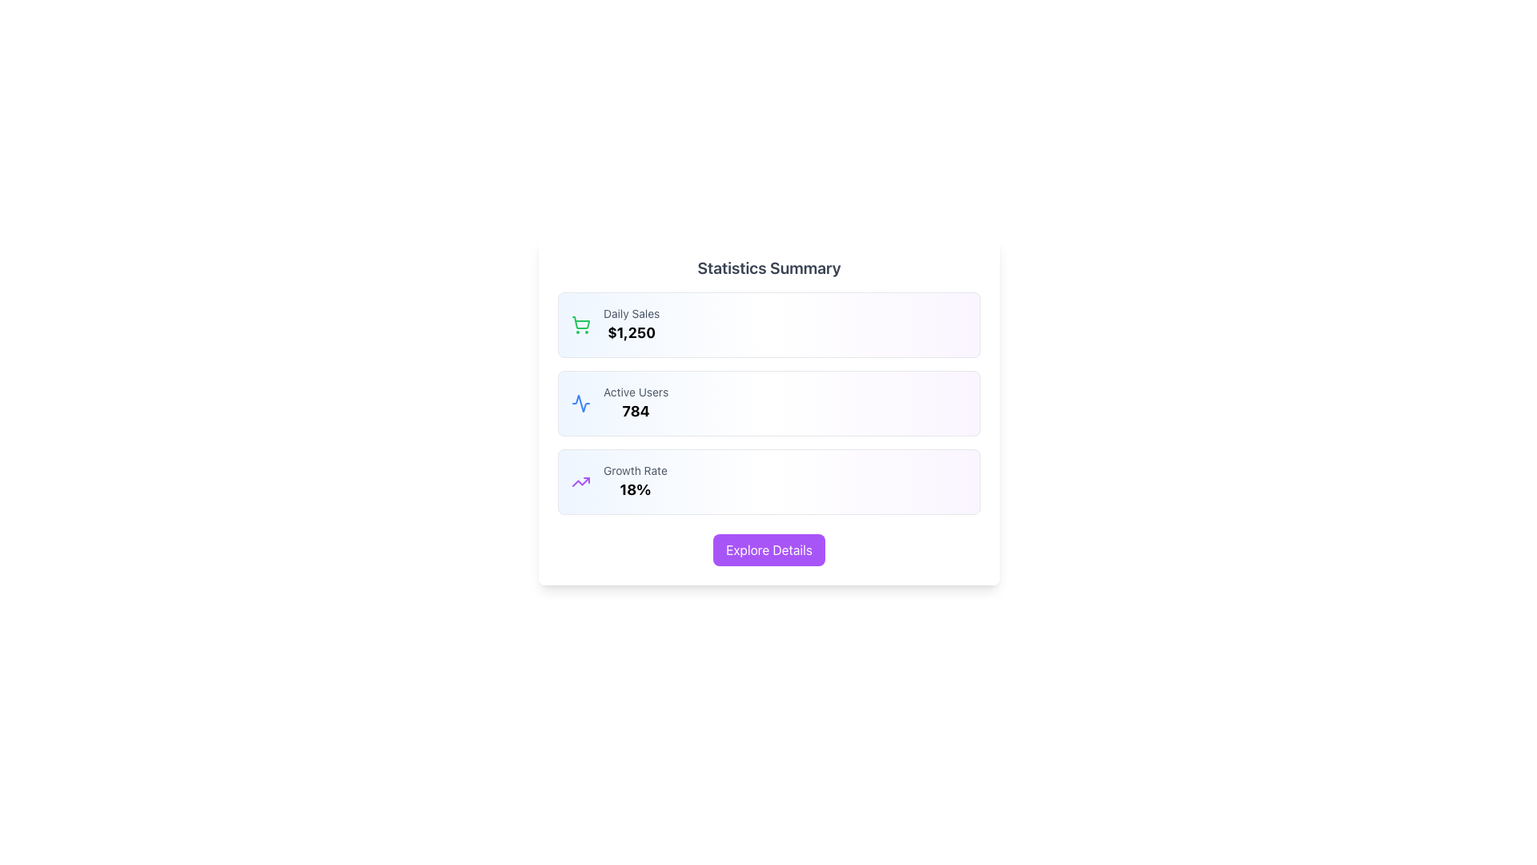 The image size is (1537, 865). What do you see at coordinates (634, 469) in the screenshot?
I see `the text label that specifies the growth rate statistic, located above the '18%' text in the bottom section of the three vertically stacked cards` at bounding box center [634, 469].